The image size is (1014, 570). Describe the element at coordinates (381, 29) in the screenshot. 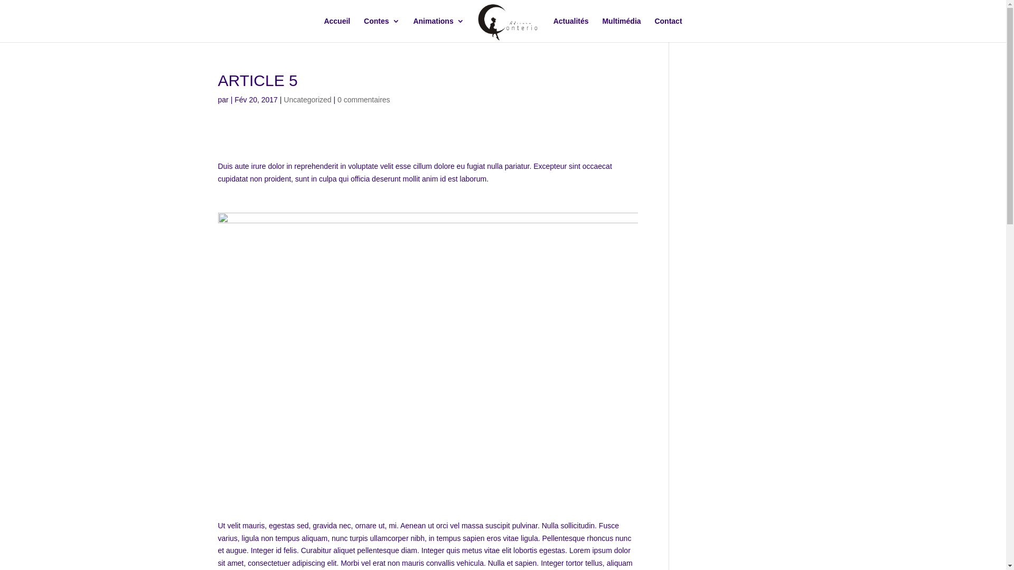

I see `'Contes'` at that location.